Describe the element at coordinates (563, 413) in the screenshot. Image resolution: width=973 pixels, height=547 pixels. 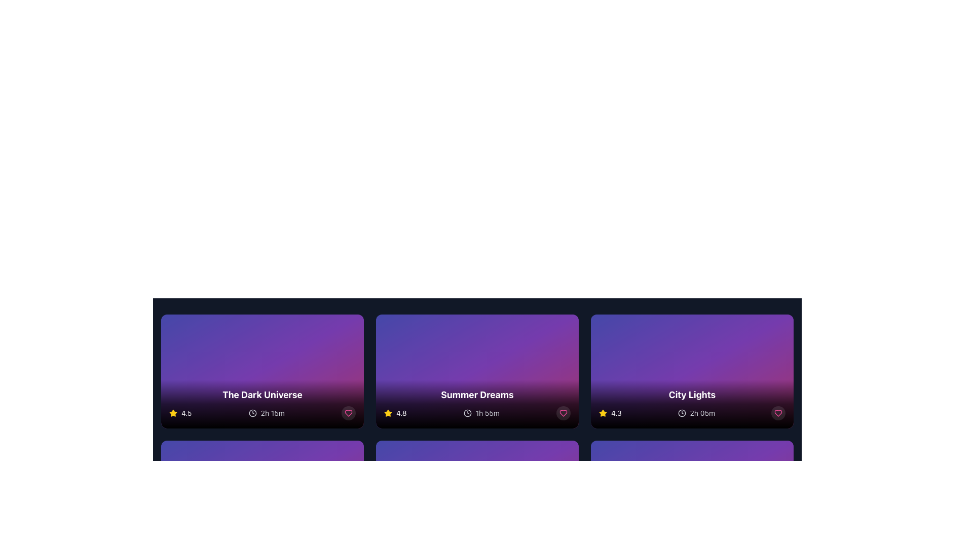
I see `the heart-shaped icon outlined in pink, located at the bottom-right corner of the 'Summer Dreams' card, to mark the item as favorite` at that location.